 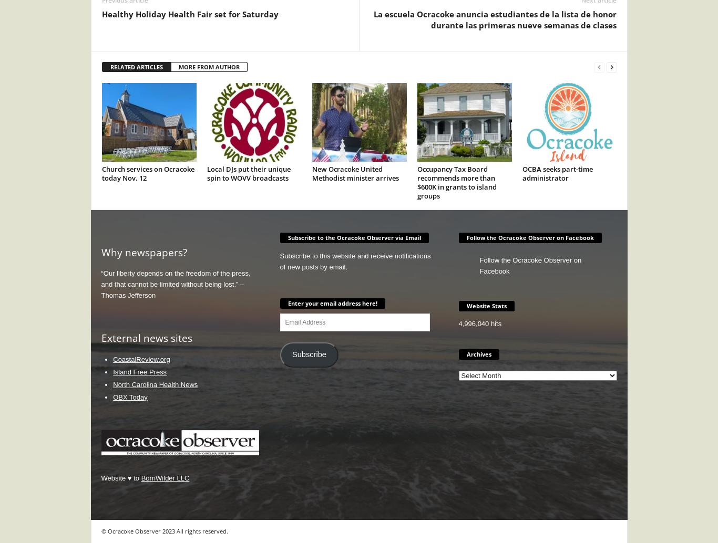 I want to click on 'New Ocracoke United Methodist minister arrives', so click(x=354, y=172).